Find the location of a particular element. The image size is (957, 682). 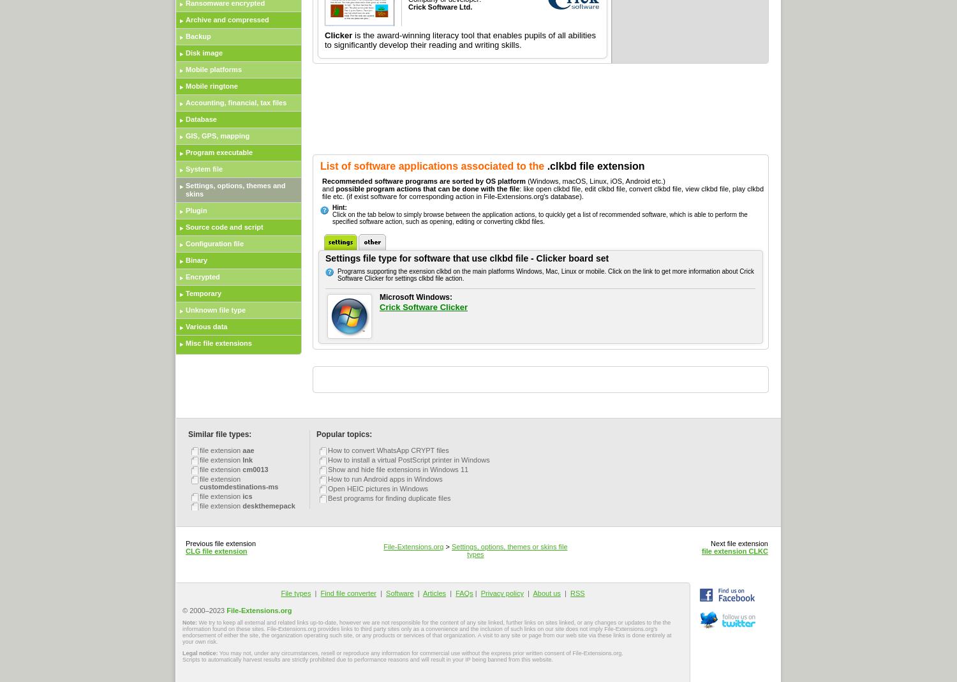

'Settings file type for software that use clkbd file - Clicker board set' is located at coordinates (466, 257).